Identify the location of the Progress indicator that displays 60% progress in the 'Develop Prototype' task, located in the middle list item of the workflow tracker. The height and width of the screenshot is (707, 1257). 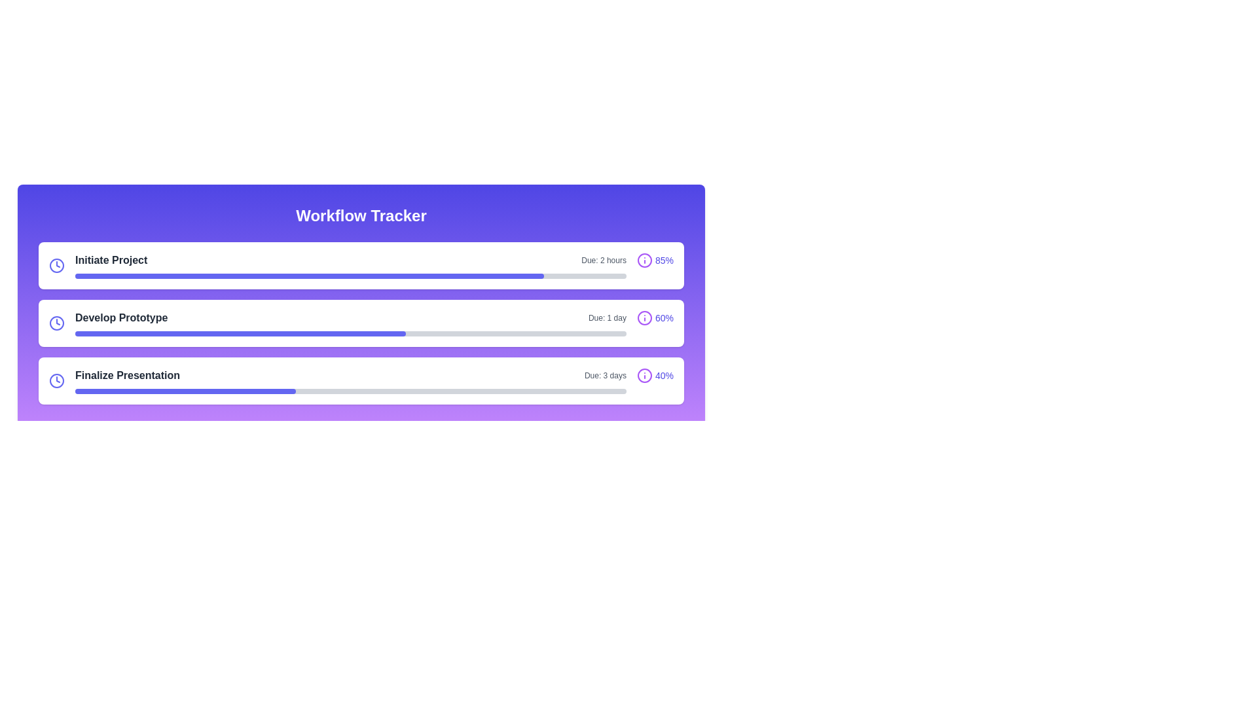
(240, 333).